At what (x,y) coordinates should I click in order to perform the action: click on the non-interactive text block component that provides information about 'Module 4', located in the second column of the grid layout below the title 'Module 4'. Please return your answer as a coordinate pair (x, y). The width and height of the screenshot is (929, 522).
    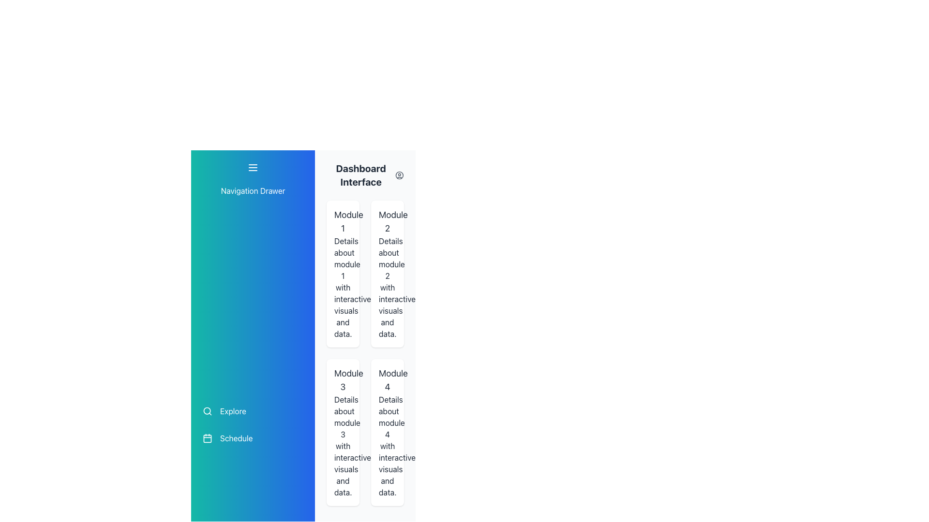
    Looking at the image, I should click on (388, 446).